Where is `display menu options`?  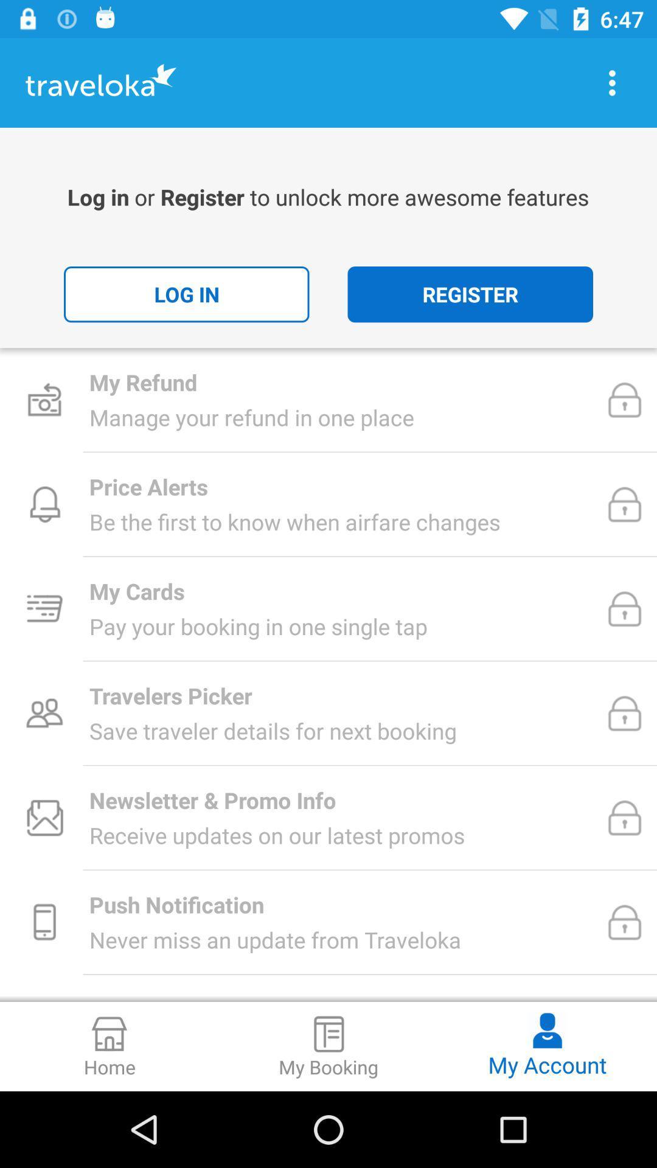
display menu options is located at coordinates (612, 82).